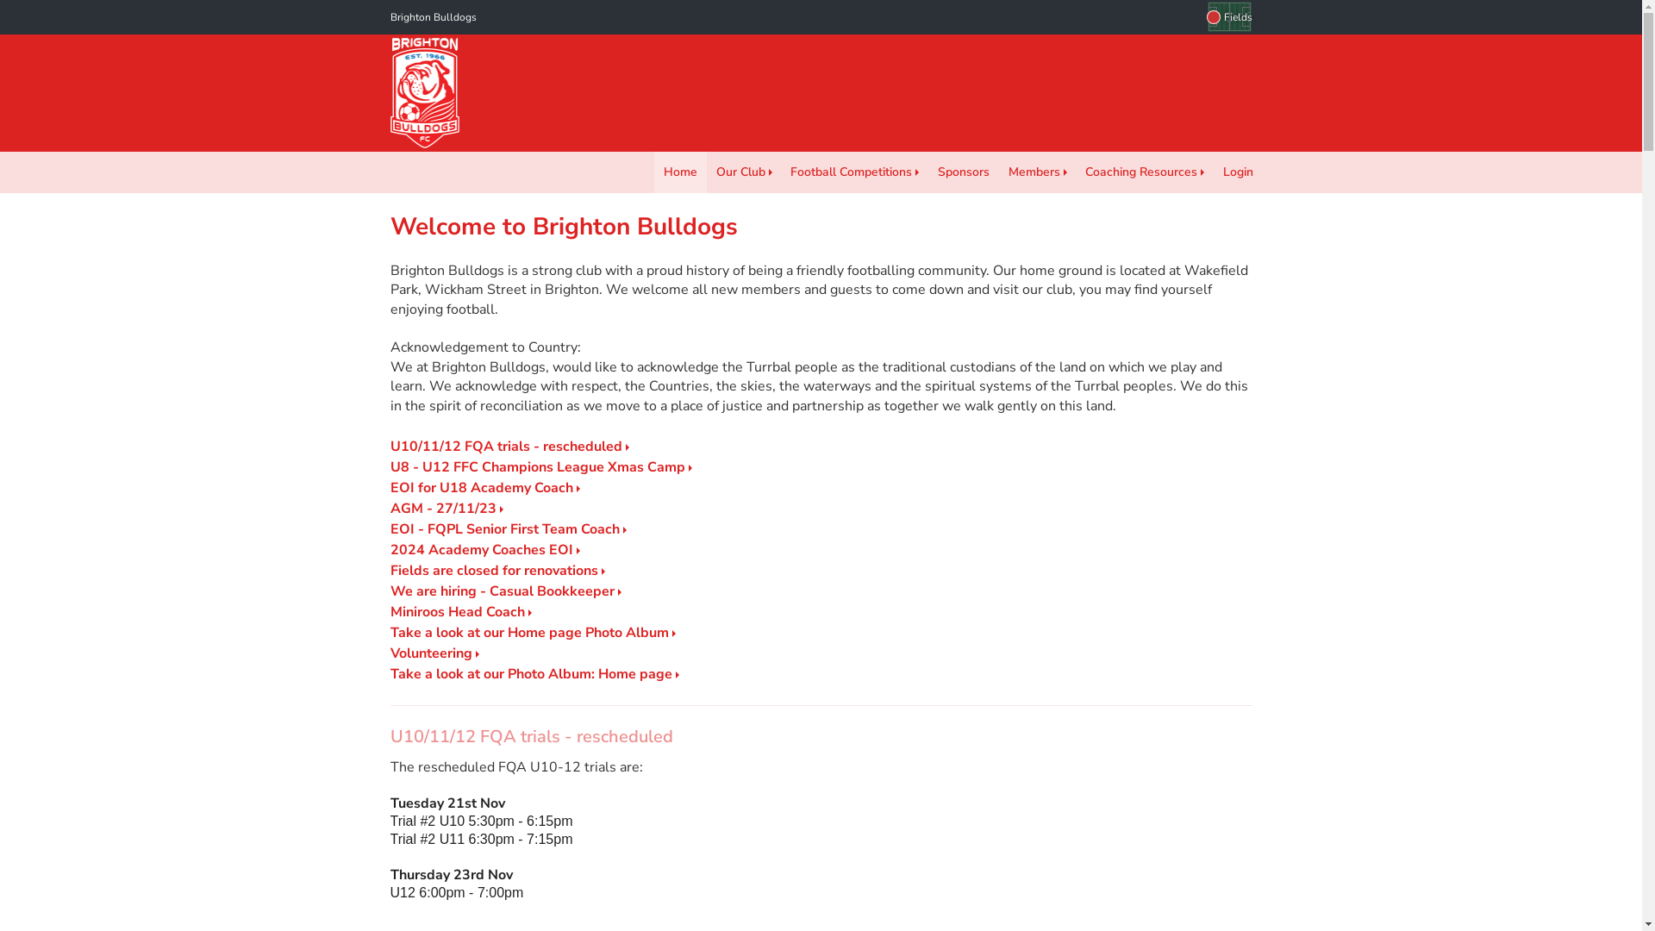  I want to click on 'AGM - 27/11/23', so click(446, 508).